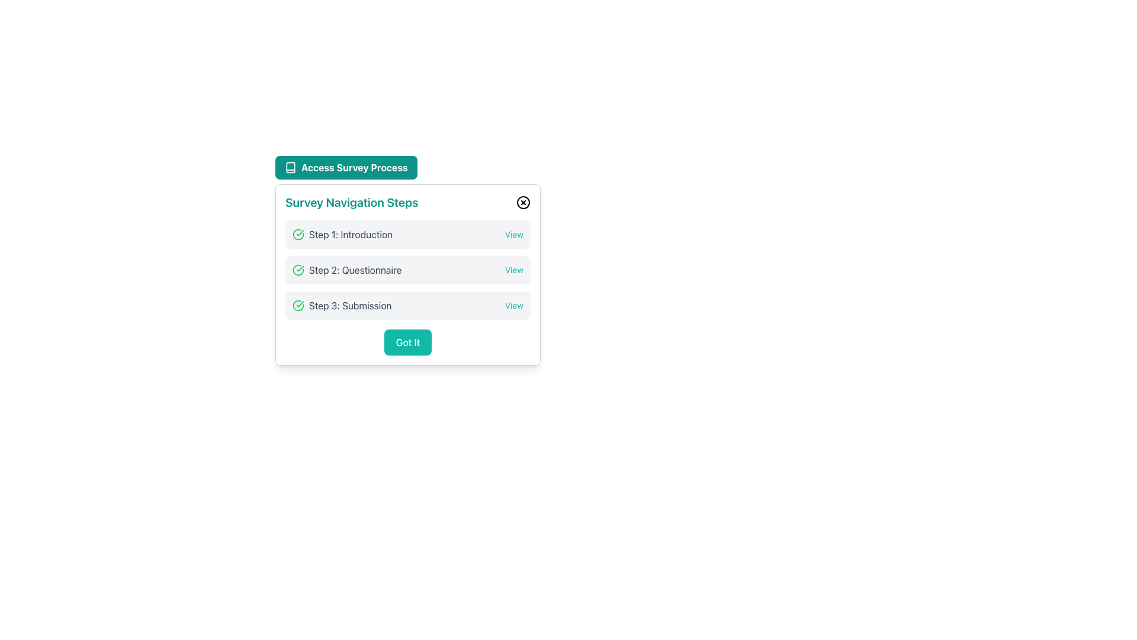 The width and height of the screenshot is (1137, 640). I want to click on the text label reading 'Step 3: Submission' in the 'Survey Navigation Steps' modal, which is styled with a gray font color and positioned in a navigation list, so click(349, 305).